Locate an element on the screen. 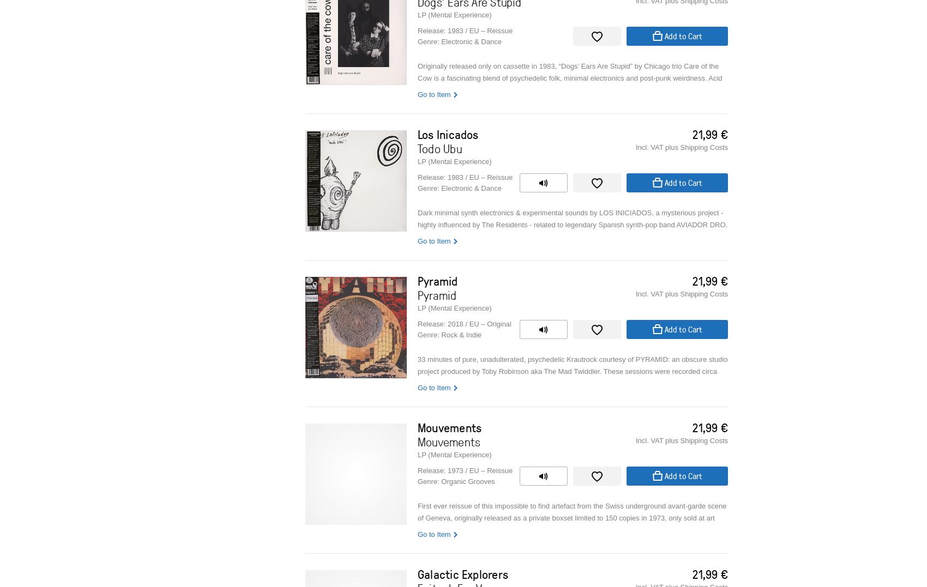 This screenshot has width=927, height=587. 'Dark minimal synth electronics & experimental sounds by LOS INICIADOS, a mysterious project - highly influenced by The Residents - related to legendary Spanish synth-pop band AVIADOR DRO.' is located at coordinates (571, 219).